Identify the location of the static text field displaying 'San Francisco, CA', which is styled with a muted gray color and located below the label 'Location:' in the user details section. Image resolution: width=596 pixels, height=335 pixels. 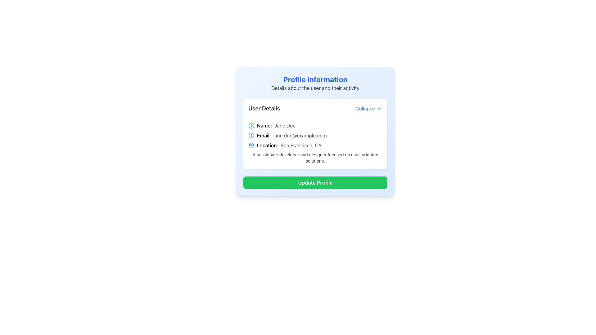
(301, 145).